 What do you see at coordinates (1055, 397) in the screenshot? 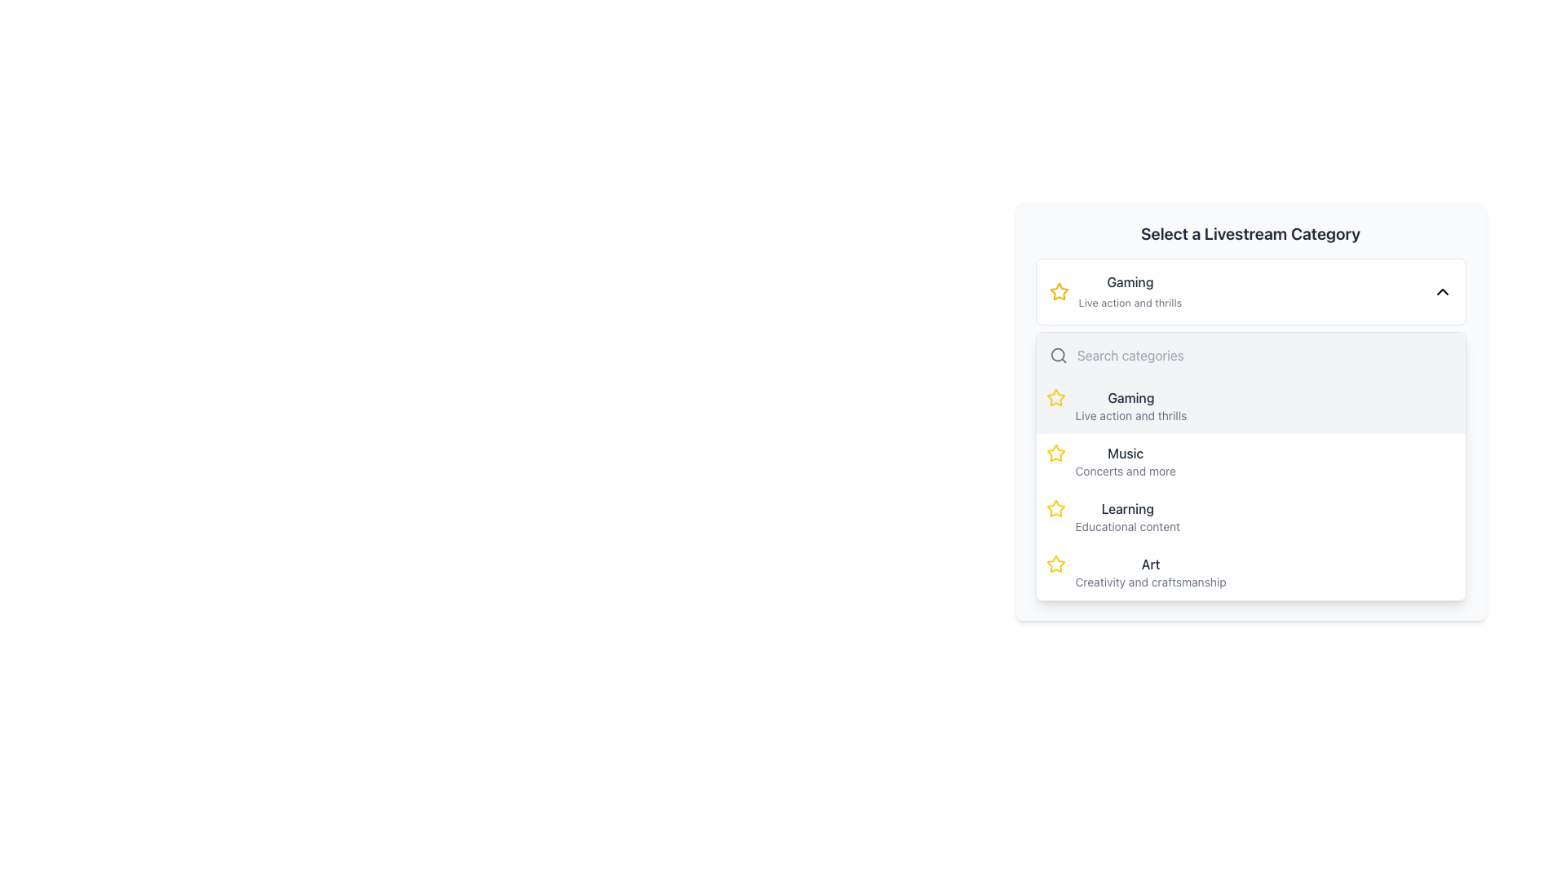
I see `the star icon with a yellow outline located in the dropdown menu under the 'Gaming' category, positioned near the top-left corner of the list item` at bounding box center [1055, 397].